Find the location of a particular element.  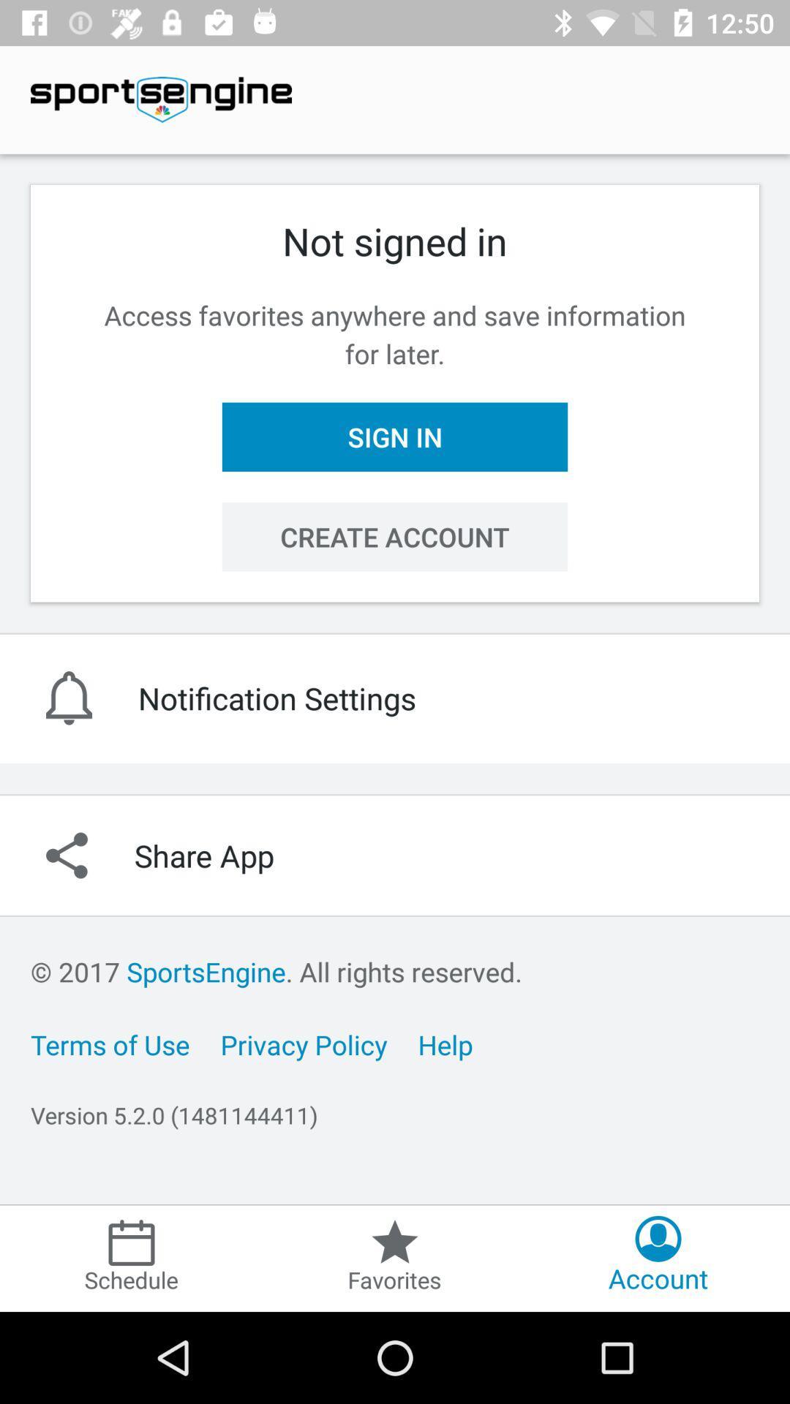

2017 sportsengine all is located at coordinates (276, 972).